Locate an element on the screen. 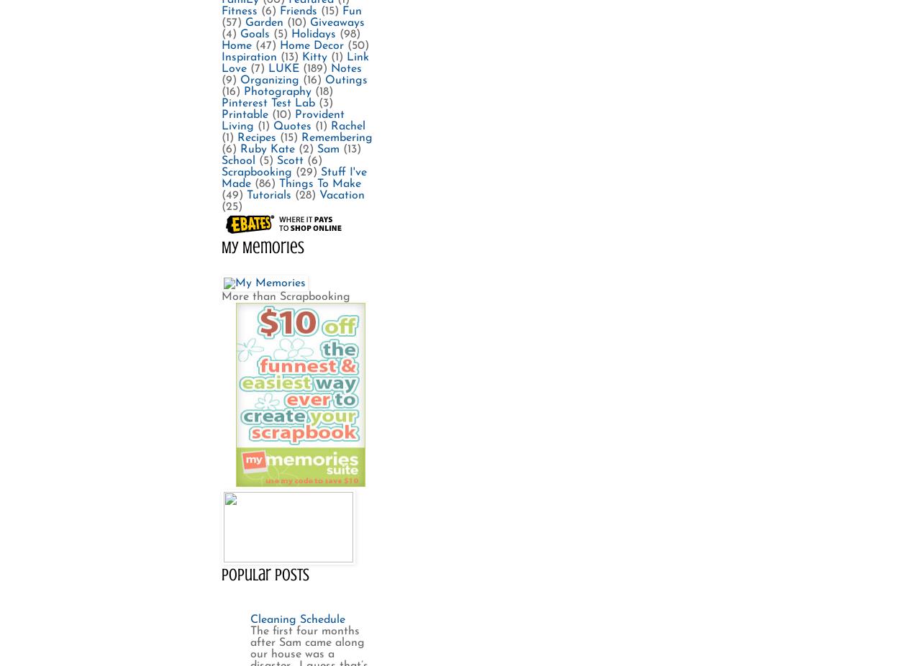 Image resolution: width=905 pixels, height=666 pixels. '(2)' is located at coordinates (305, 147).